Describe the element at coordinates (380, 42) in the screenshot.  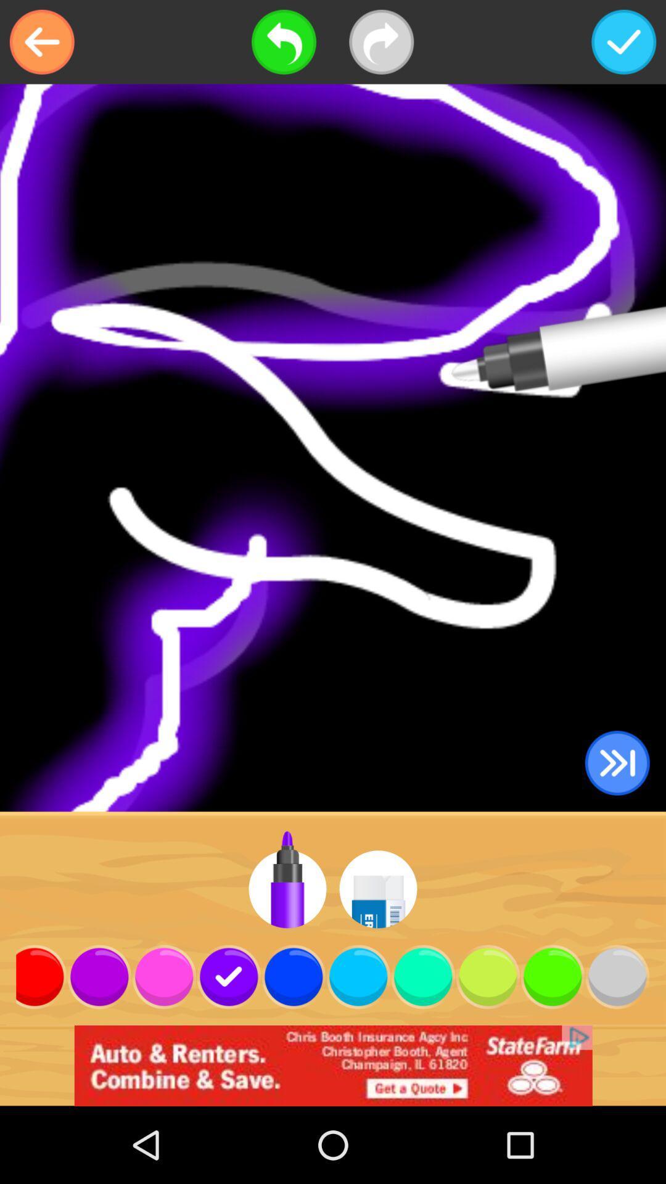
I see `redo` at that location.